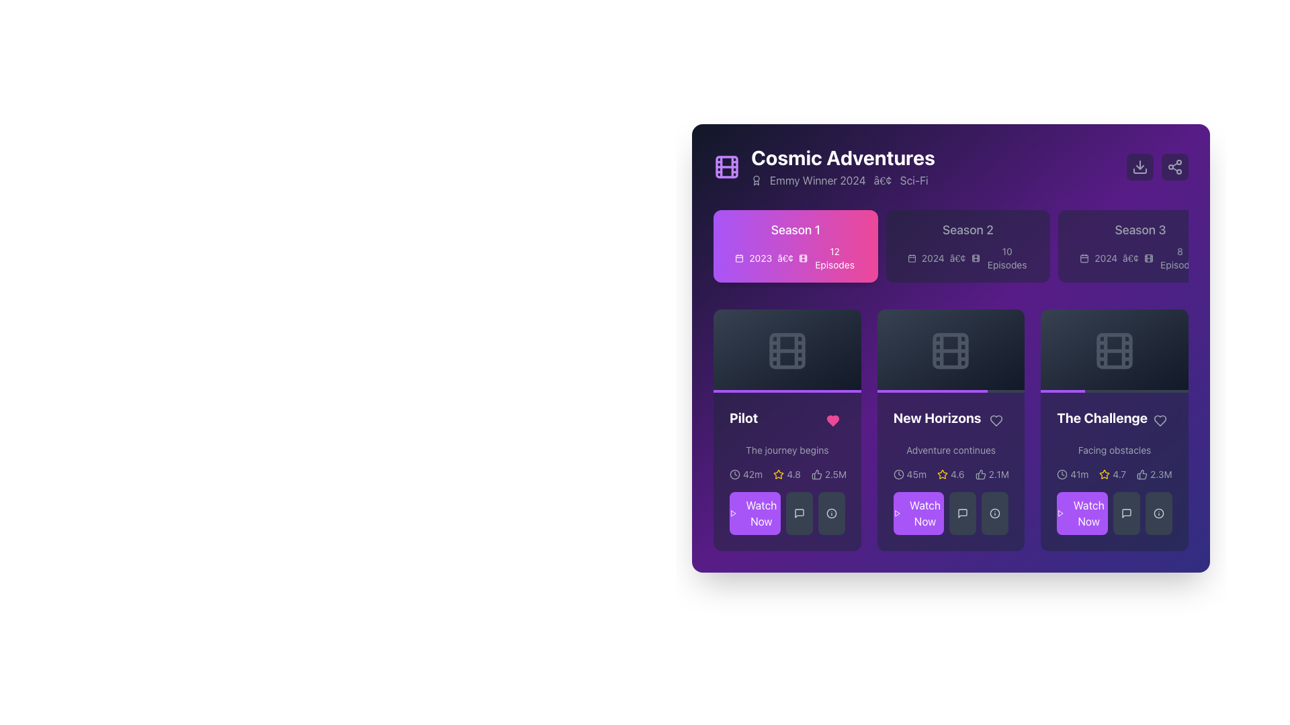 The width and height of the screenshot is (1290, 725). What do you see at coordinates (962, 513) in the screenshot?
I see `the message/comment SVG icon located in the secondary action button section beneath the 'New Horizons' card` at bounding box center [962, 513].